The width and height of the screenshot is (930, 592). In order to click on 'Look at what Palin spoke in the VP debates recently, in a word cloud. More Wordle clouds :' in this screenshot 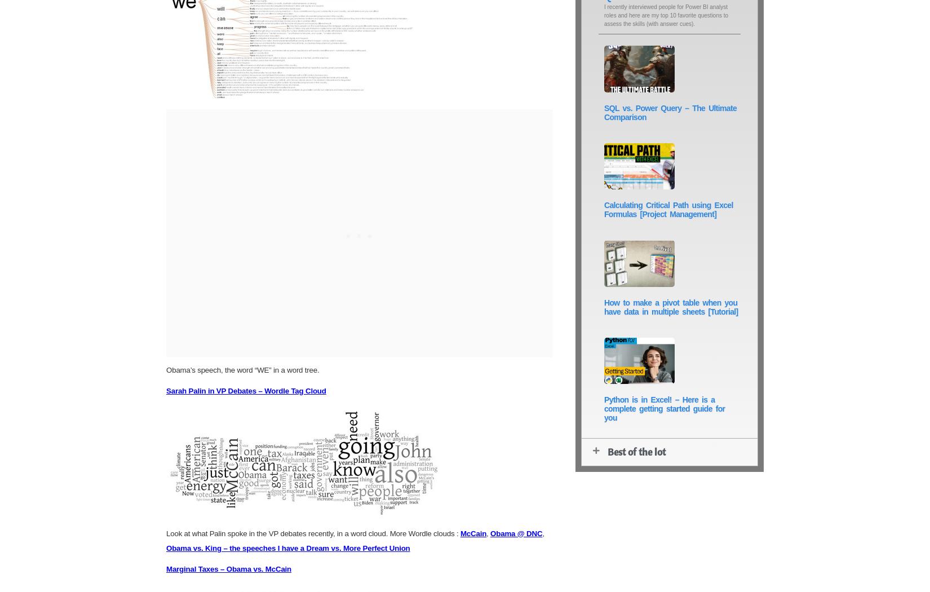, I will do `click(312, 532)`.